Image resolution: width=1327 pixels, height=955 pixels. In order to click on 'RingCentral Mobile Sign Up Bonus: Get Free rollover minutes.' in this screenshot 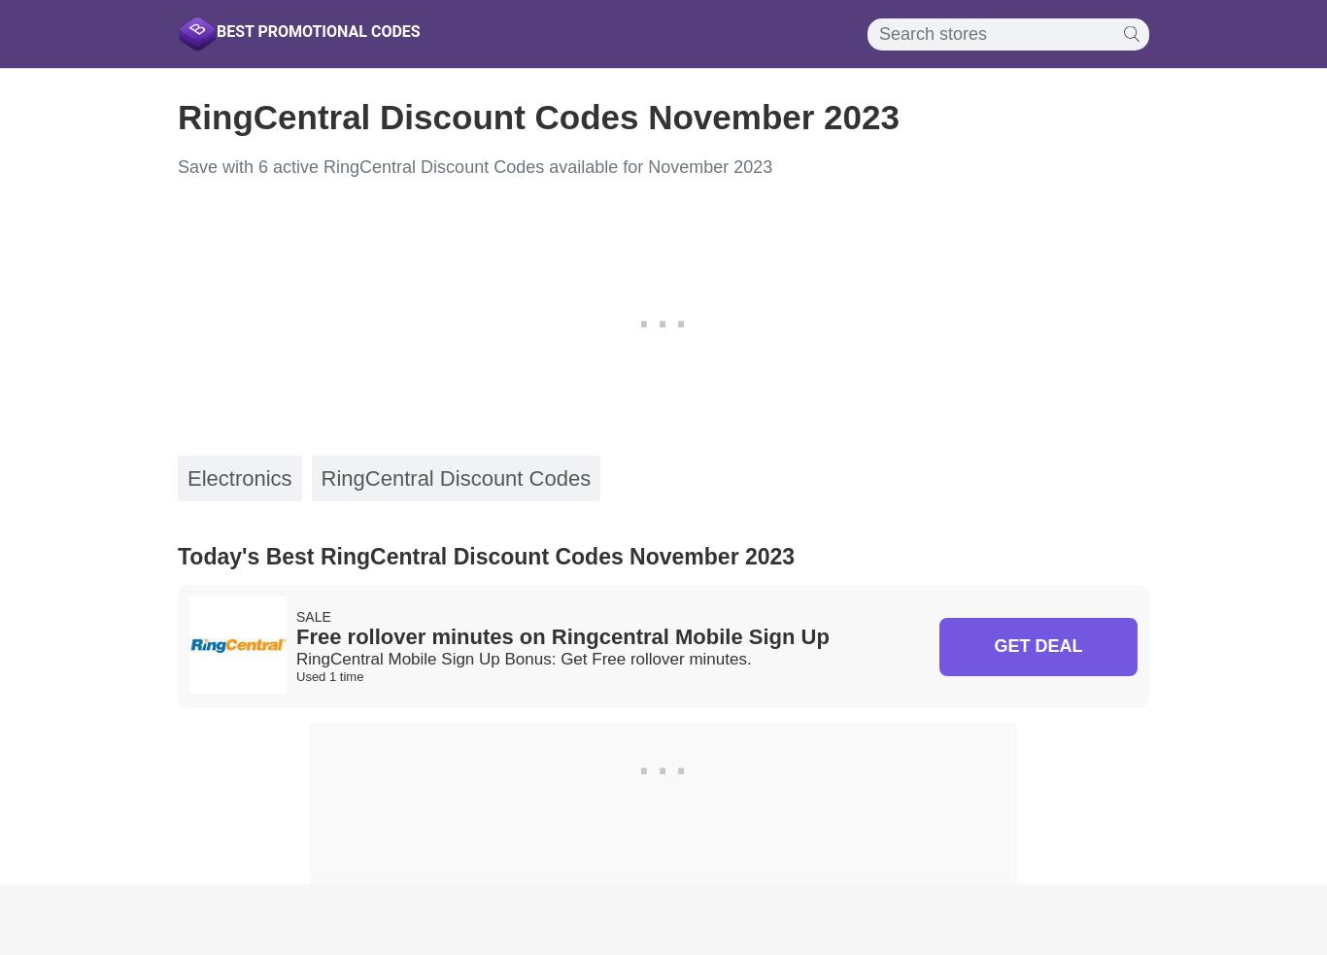, I will do `click(524, 658)`.